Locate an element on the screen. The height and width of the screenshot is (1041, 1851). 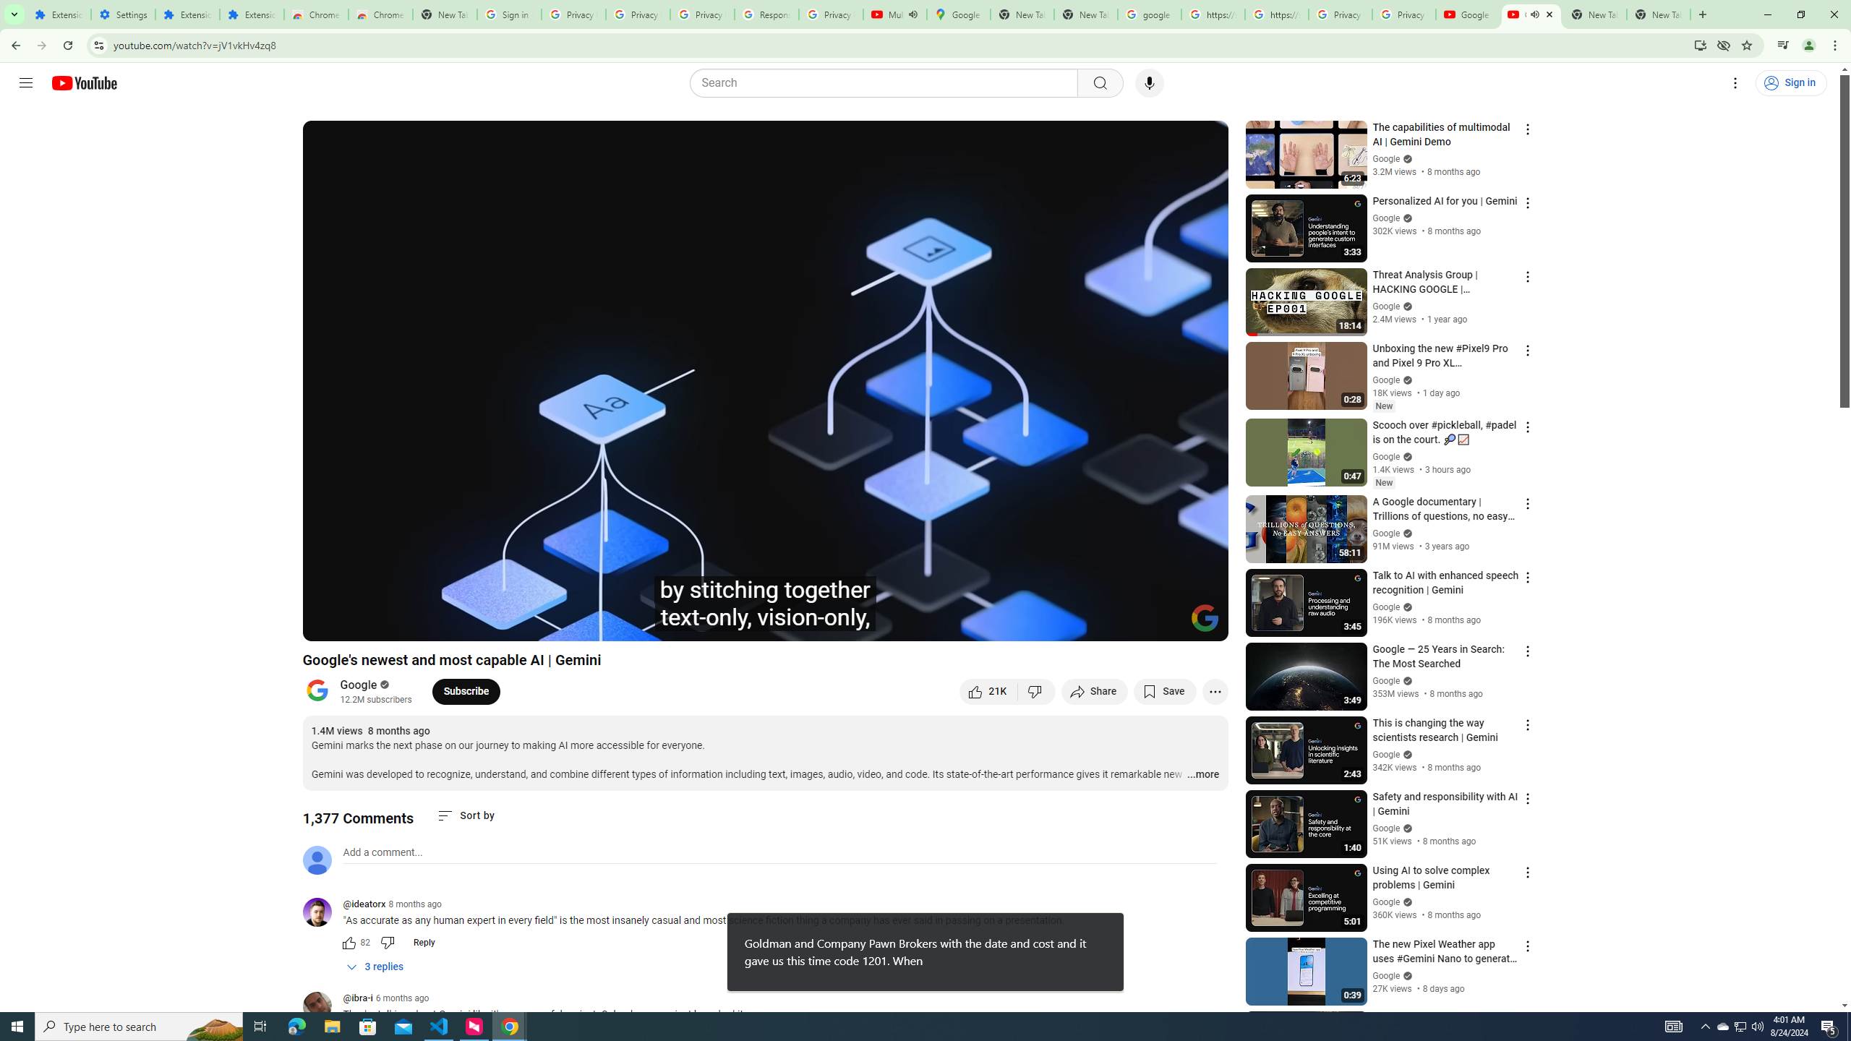
'Reply' is located at coordinates (424, 941).